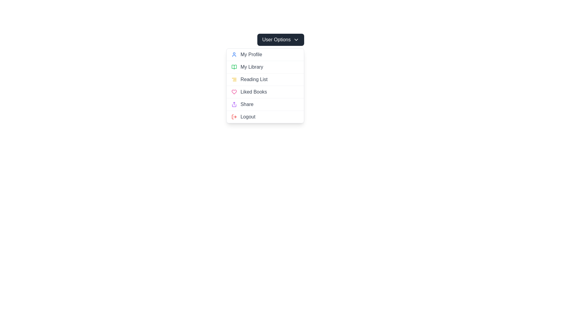 The width and height of the screenshot is (584, 328). I want to click on the 'Liked Books' interactive menu item, which features a pink heart-shaped icon and is the third item in the dropdown menu, so click(265, 92).